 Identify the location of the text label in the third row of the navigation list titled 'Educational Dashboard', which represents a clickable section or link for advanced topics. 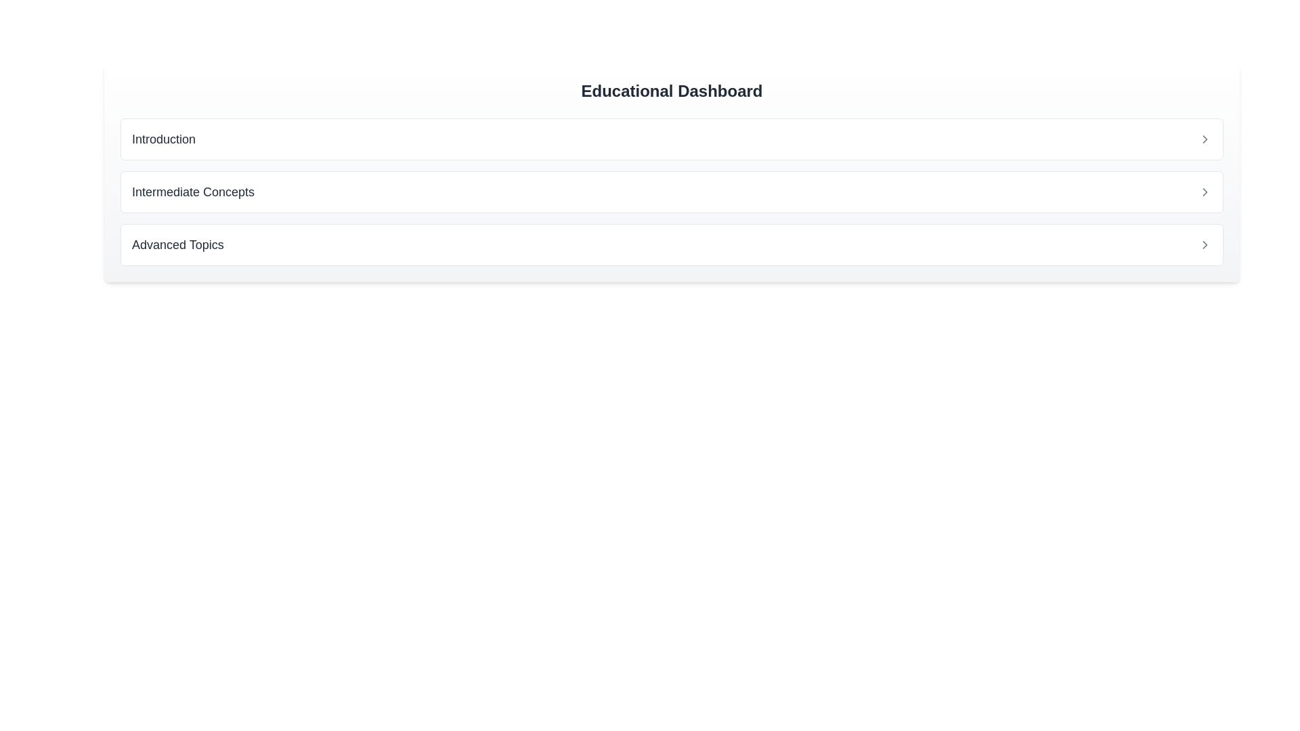
(177, 245).